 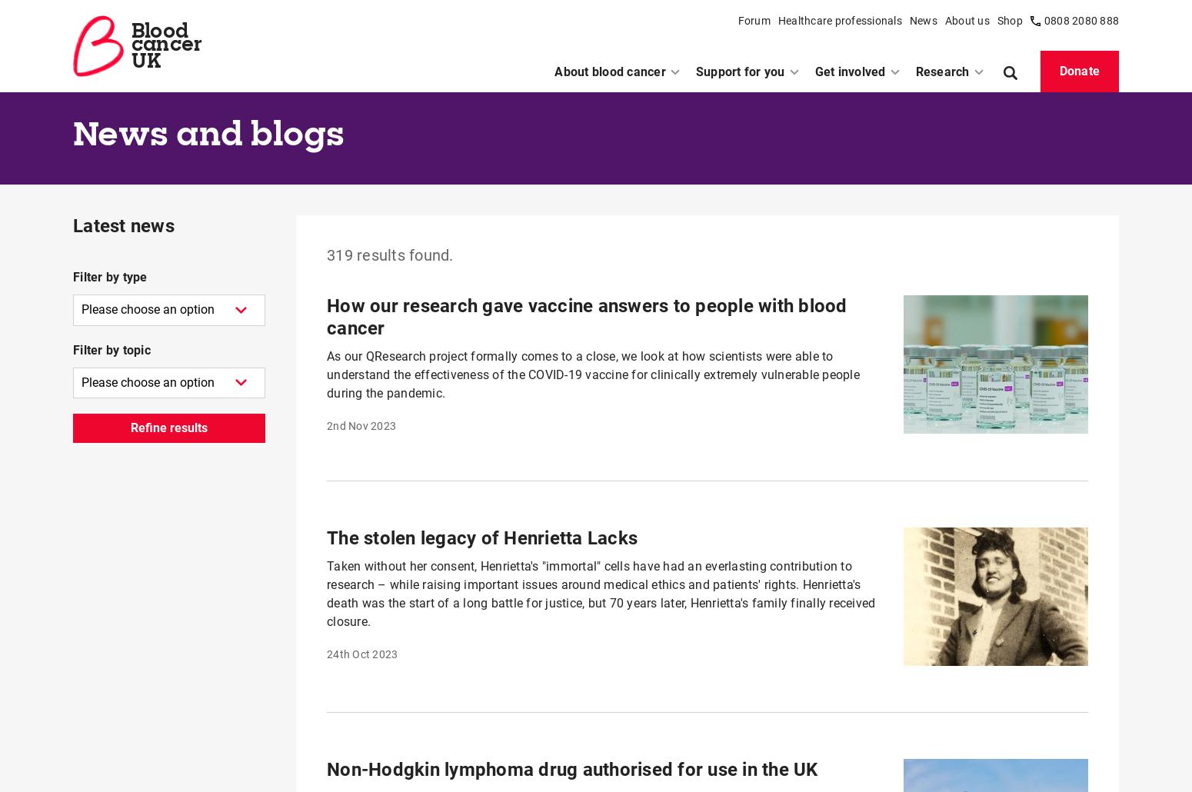 What do you see at coordinates (605, 695) in the screenshot?
I see `'We’ve just found out that the latest Omaze Million Pound House Draw raised a staggering £1.95m in just six weeks to support vital blood cancer research. Yes, you read that right – £1,950,000!'` at bounding box center [605, 695].